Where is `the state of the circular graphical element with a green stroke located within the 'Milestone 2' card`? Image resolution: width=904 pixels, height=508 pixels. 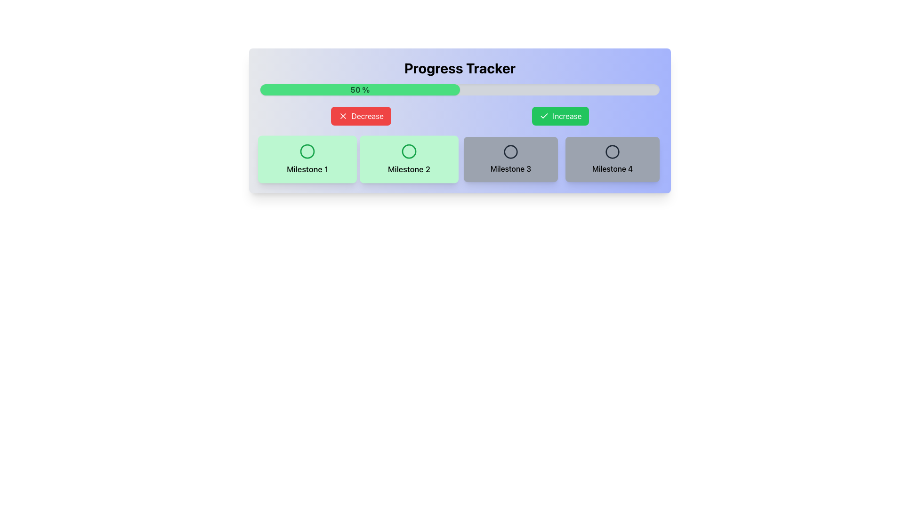
the state of the circular graphical element with a green stroke located within the 'Milestone 2' card is located at coordinates (409, 151).